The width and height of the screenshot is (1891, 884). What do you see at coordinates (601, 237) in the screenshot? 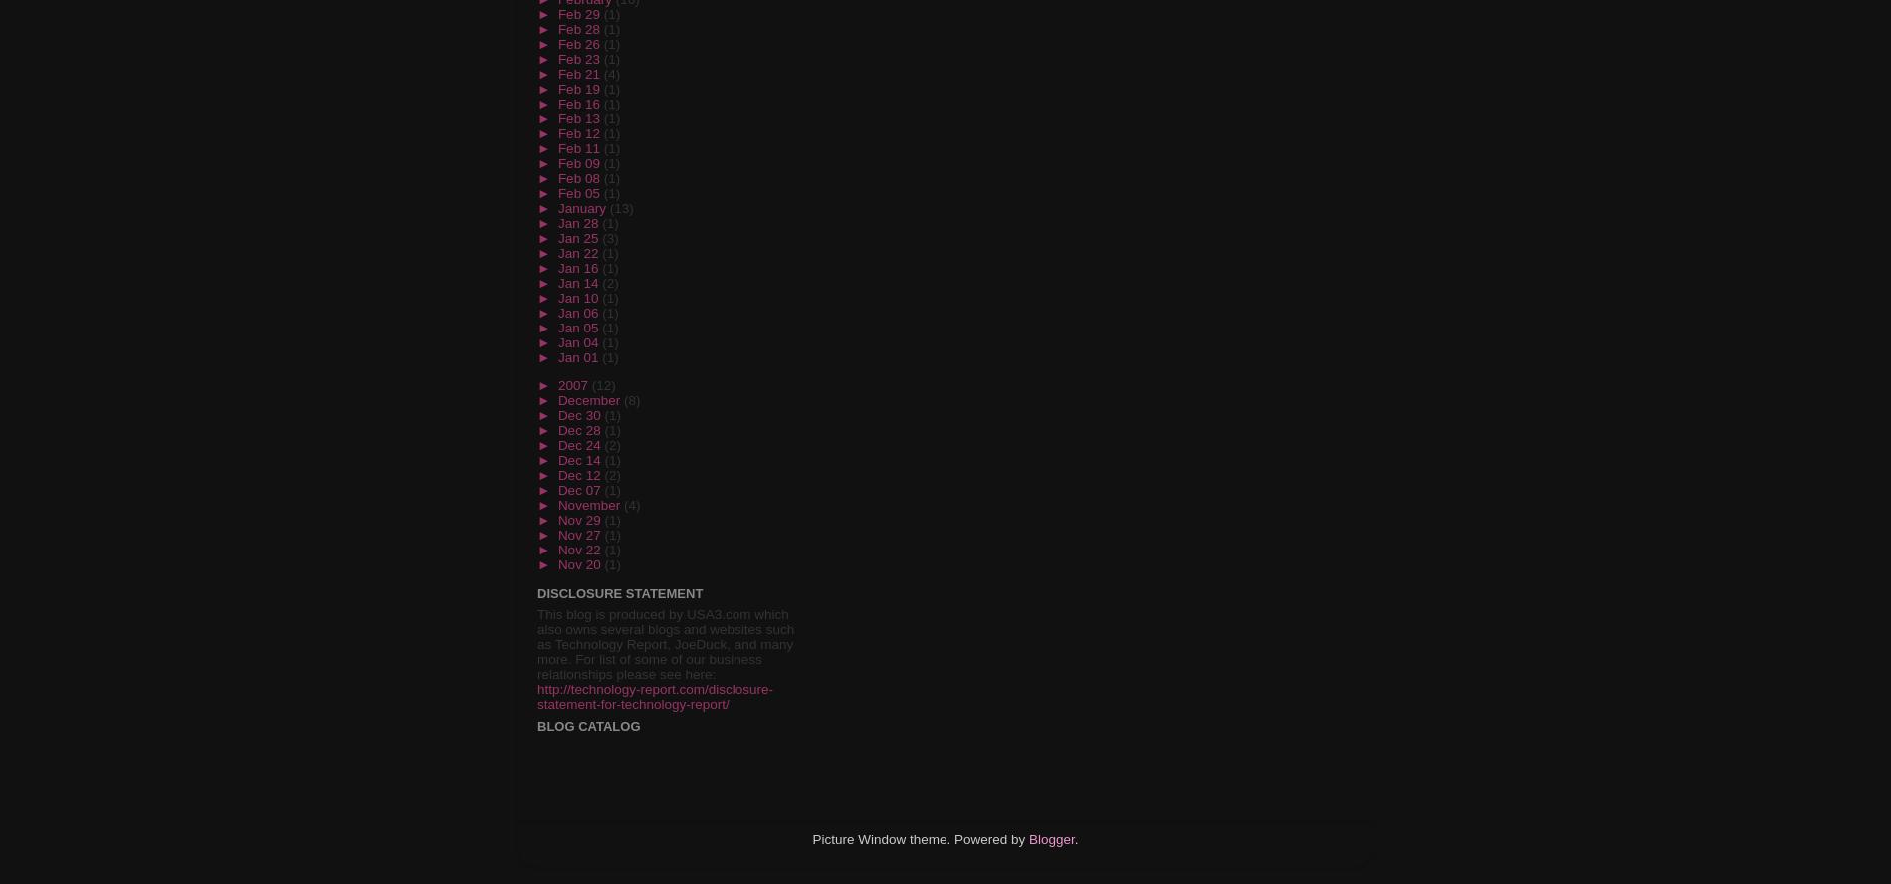
I see `'(3)'` at bounding box center [601, 237].